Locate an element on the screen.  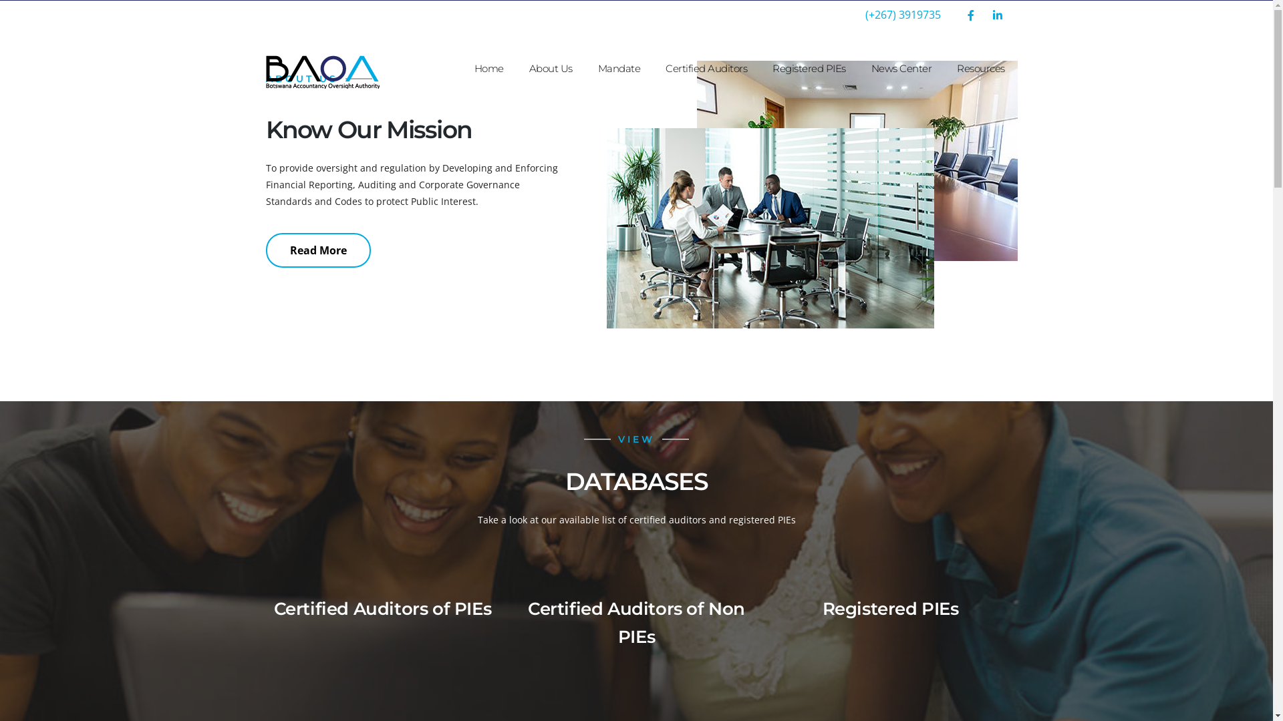
'About Us' is located at coordinates (550, 69).